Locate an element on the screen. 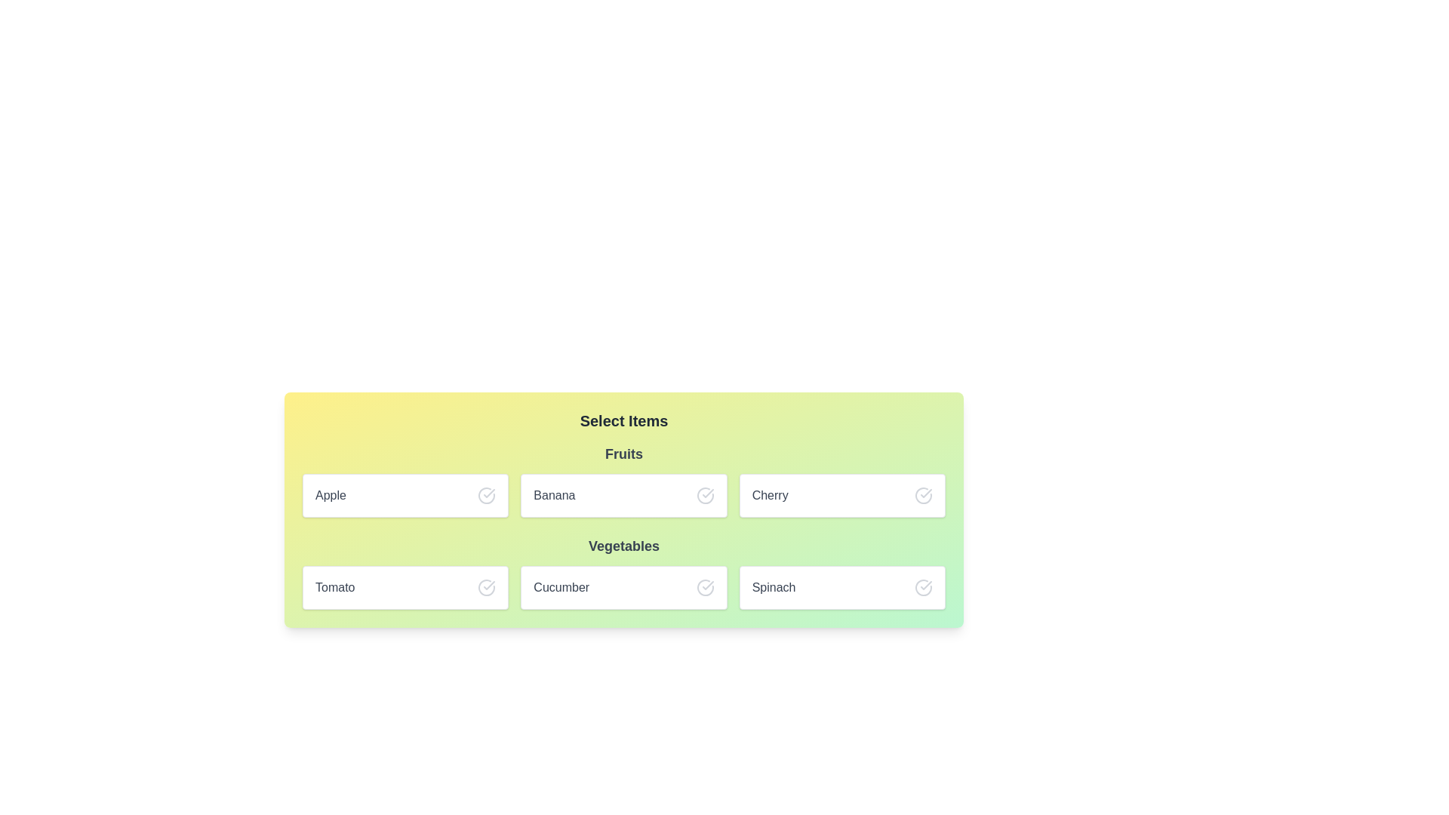 This screenshot has width=1449, height=815. the checkmark SVG icon indicating confirmation located to the right of the 'Spinach' text label in the 'Vegetables' section of the form is located at coordinates (925, 584).